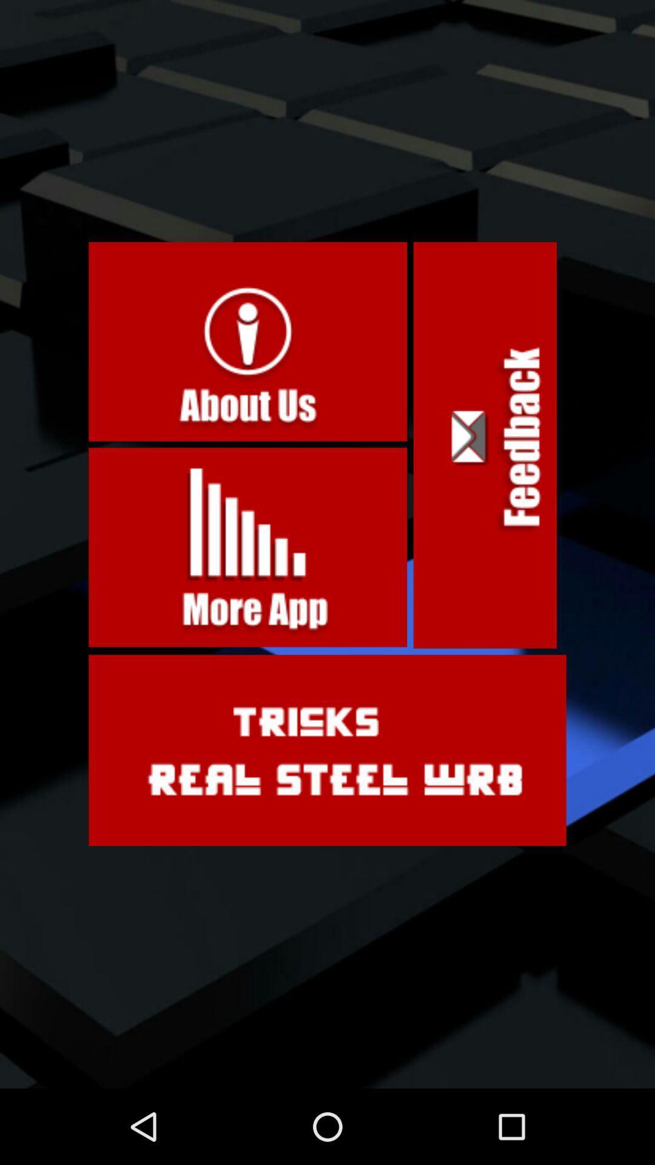  What do you see at coordinates (247, 341) in the screenshot?
I see `icon at the top` at bounding box center [247, 341].